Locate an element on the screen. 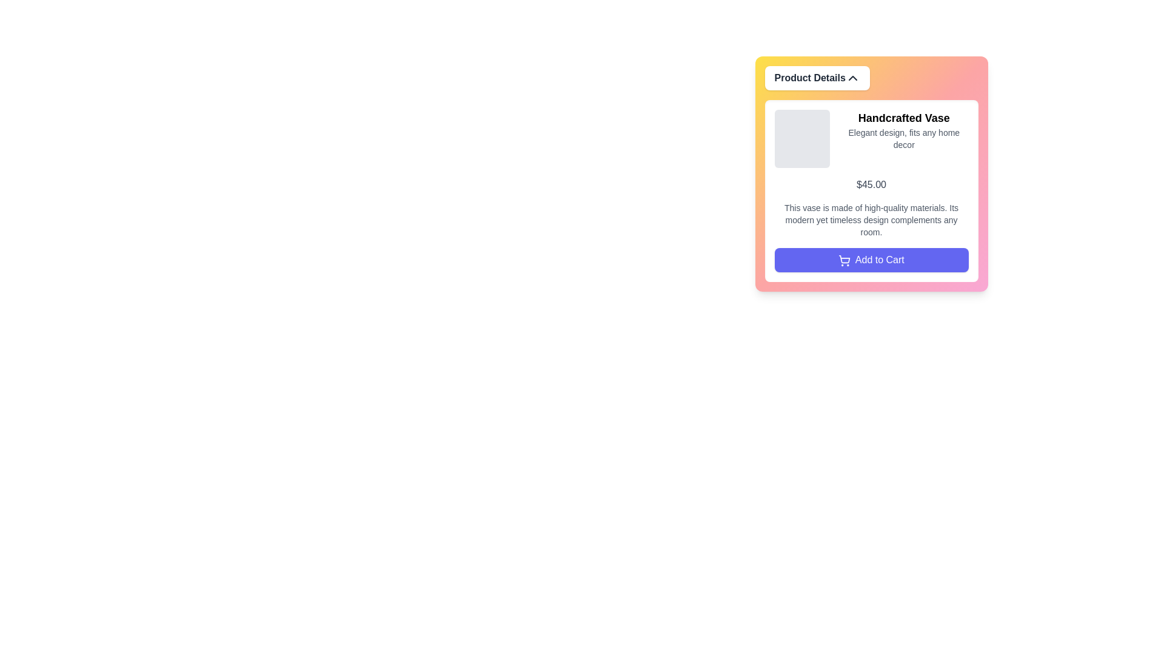 The width and height of the screenshot is (1164, 655). the label or header text element located at the top-center of the section, which may also trigger dropdown or collapsible content is located at coordinates (809, 78).